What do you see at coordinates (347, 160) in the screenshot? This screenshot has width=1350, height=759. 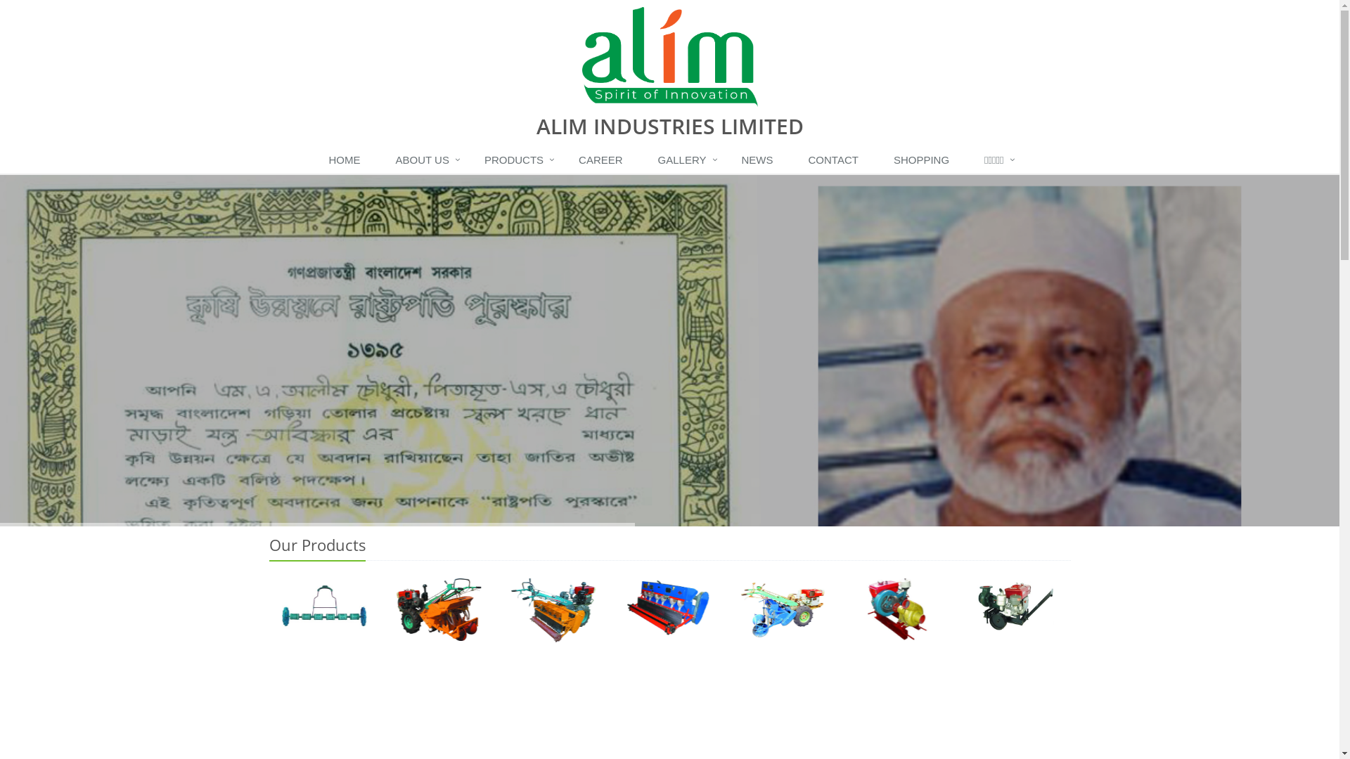 I see `'HOME'` at bounding box center [347, 160].